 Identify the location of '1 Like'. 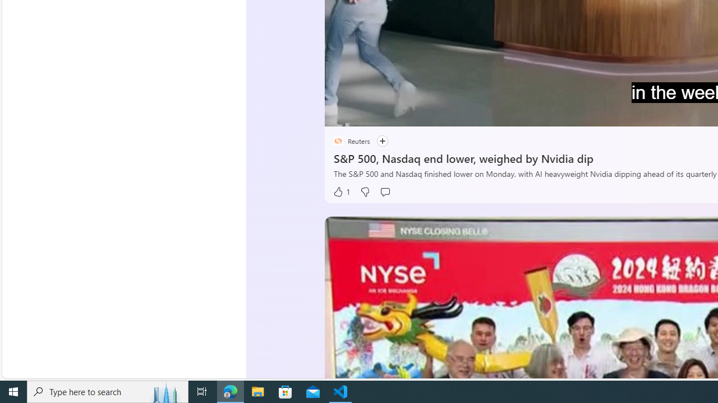
(340, 191).